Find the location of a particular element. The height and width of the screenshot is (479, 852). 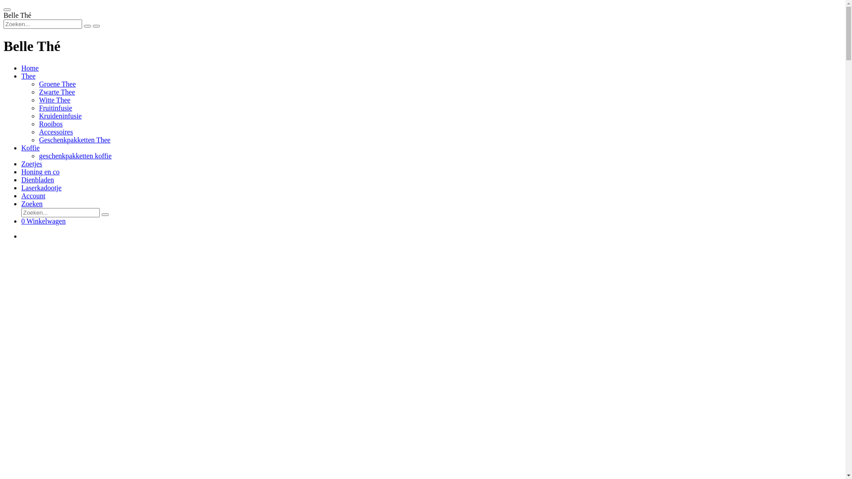

'Zoetjes' is located at coordinates (32, 164).